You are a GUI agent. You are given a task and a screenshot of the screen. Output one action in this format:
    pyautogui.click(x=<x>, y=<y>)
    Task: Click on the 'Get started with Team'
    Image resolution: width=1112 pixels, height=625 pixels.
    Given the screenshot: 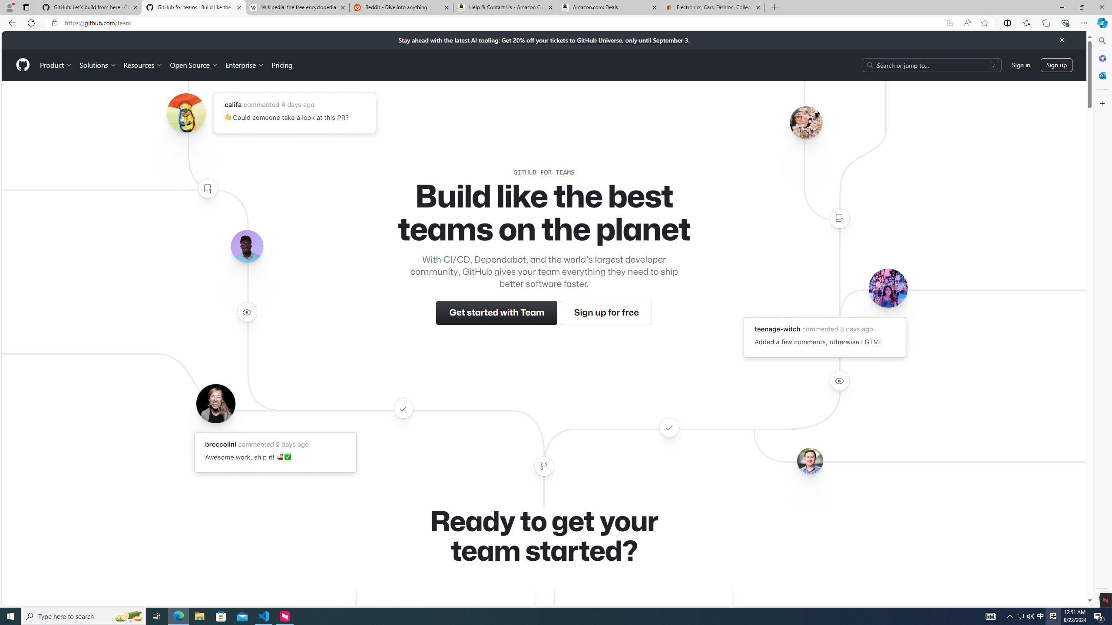 What is the action you would take?
    pyautogui.click(x=497, y=312)
    